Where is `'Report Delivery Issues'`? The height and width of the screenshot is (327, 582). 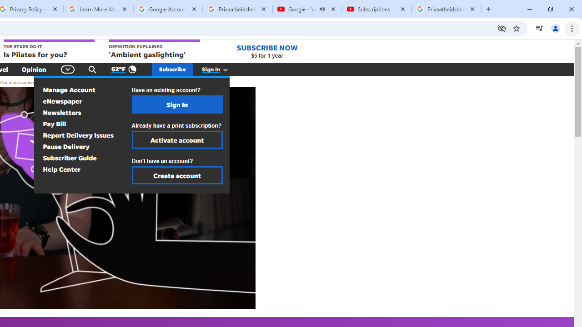 'Report Delivery Issues' is located at coordinates (78, 135).